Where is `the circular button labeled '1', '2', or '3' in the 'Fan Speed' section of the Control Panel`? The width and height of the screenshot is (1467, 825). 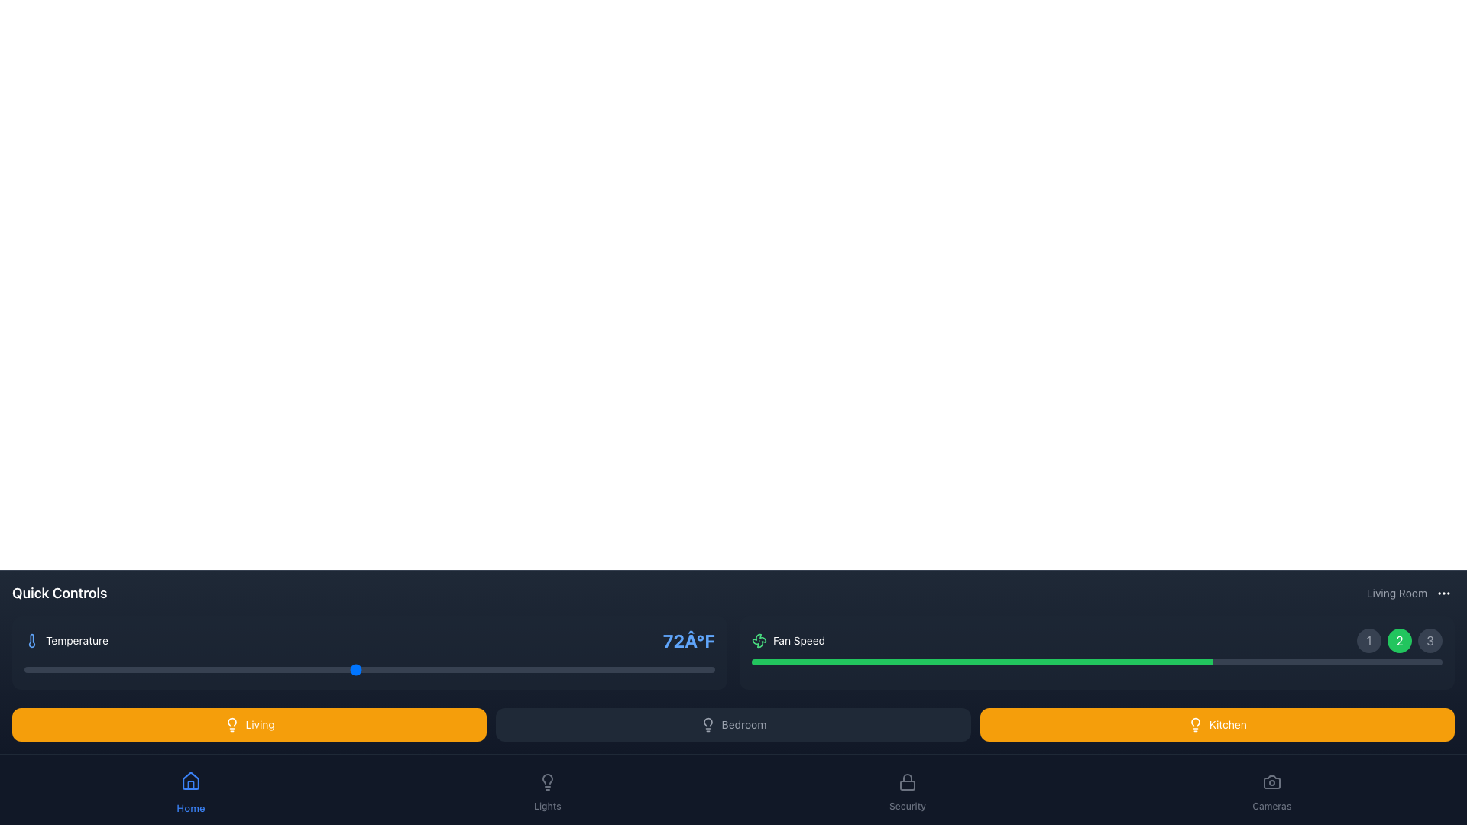 the circular button labeled '1', '2', or '3' in the 'Fan Speed' section of the Control Panel is located at coordinates (1096, 641).